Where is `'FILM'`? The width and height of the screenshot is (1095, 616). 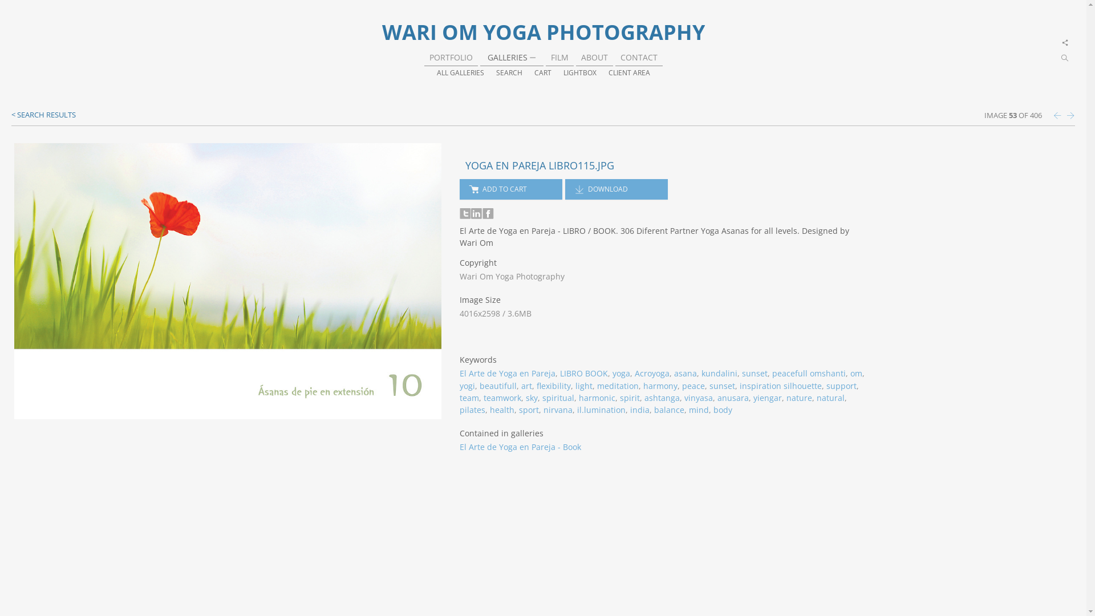 'FILM' is located at coordinates (559, 57).